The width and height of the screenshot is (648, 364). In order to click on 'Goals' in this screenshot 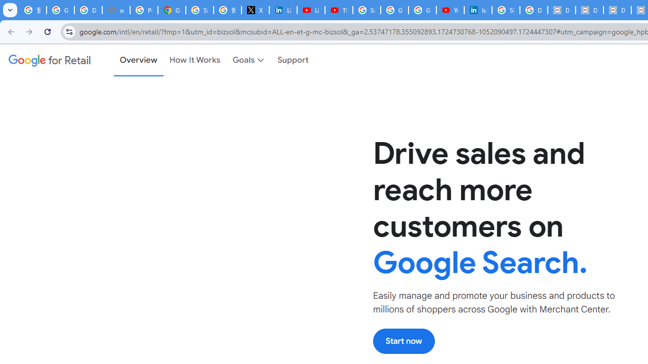, I will do `click(249, 60)`.